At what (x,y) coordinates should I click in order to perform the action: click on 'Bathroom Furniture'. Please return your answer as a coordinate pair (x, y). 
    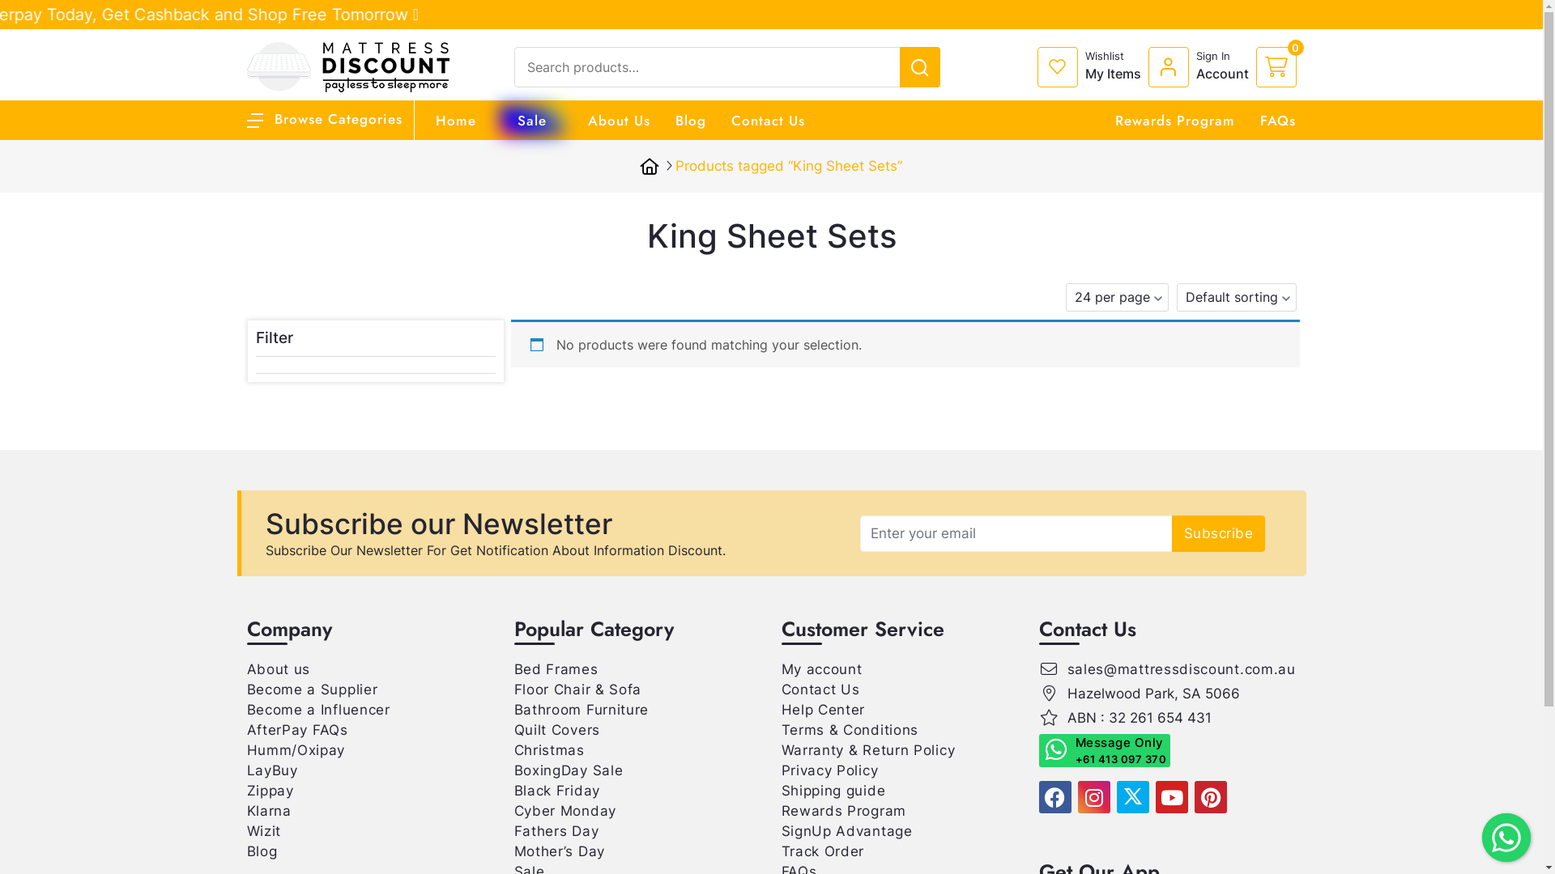
    Looking at the image, I should click on (581, 708).